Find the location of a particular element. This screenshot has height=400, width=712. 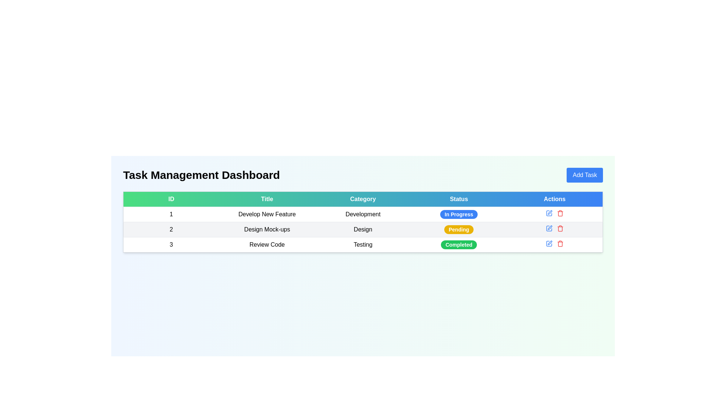

the Status label indicating 'In Progress' for the task 'Develop New Feature', located in the Status column of the task management table is located at coordinates (458, 214).